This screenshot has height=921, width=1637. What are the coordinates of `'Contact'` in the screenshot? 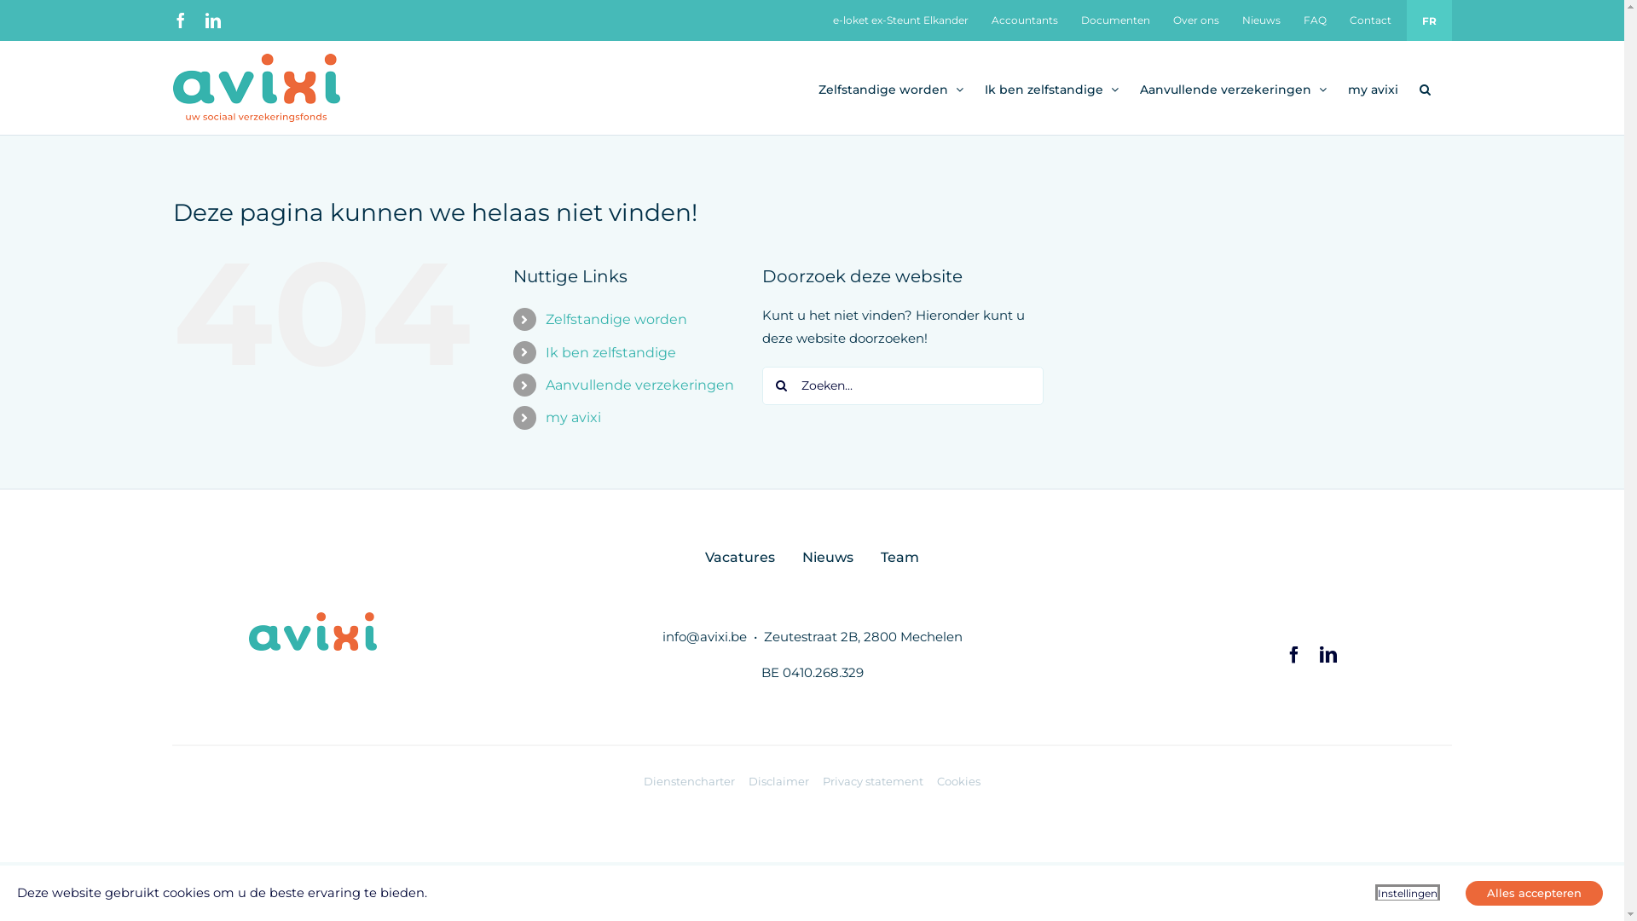 It's located at (1370, 20).